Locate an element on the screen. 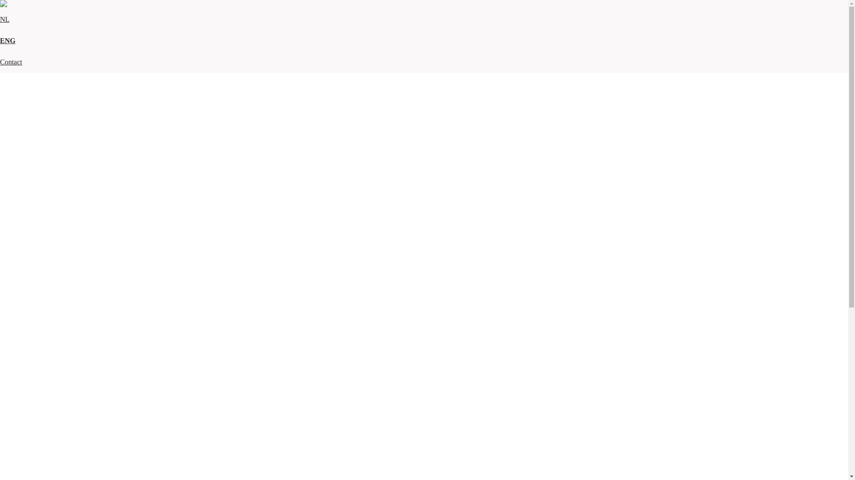 The image size is (855, 480). 'NL' is located at coordinates (0, 19).